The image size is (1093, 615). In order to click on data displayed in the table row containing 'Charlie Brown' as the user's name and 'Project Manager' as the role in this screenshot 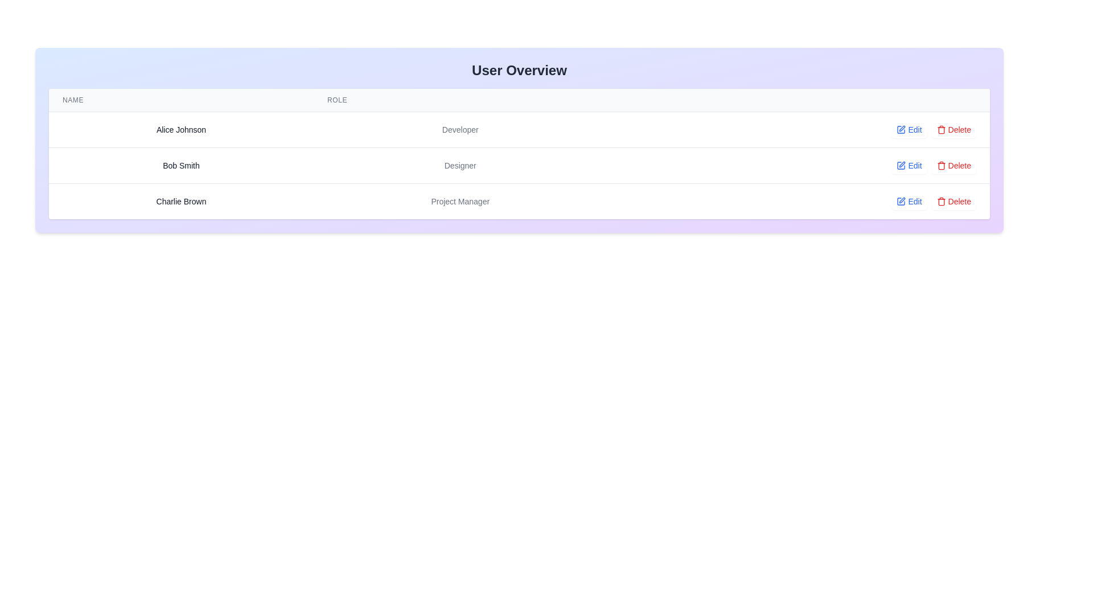, I will do `click(519, 200)`.